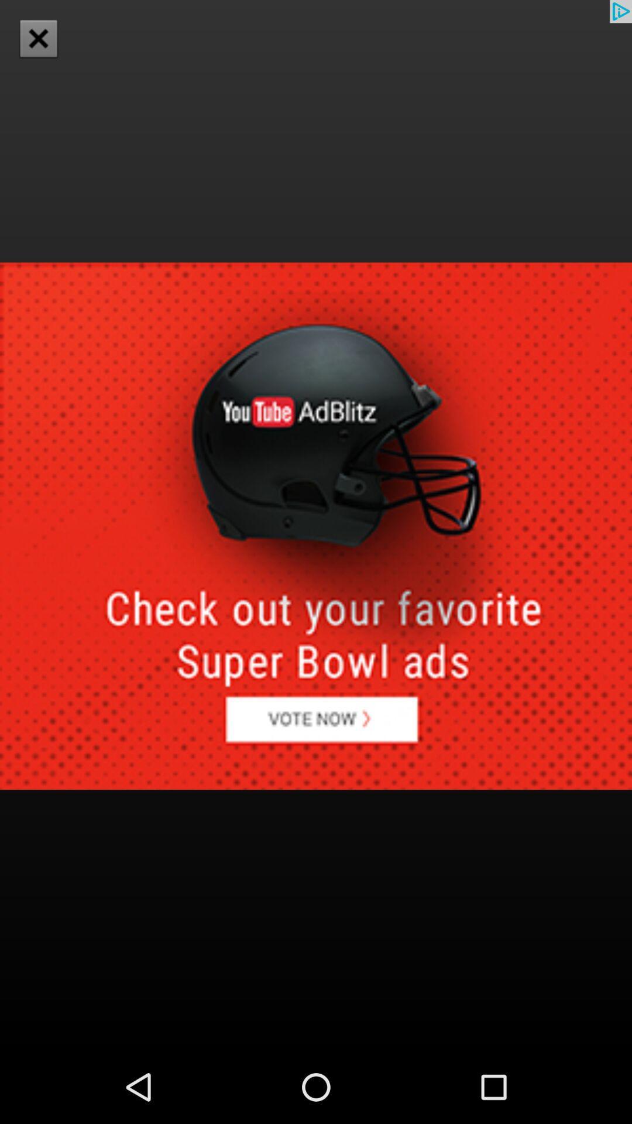 The height and width of the screenshot is (1124, 632). Describe the element at coordinates (37, 41) in the screenshot. I see `the close icon` at that location.